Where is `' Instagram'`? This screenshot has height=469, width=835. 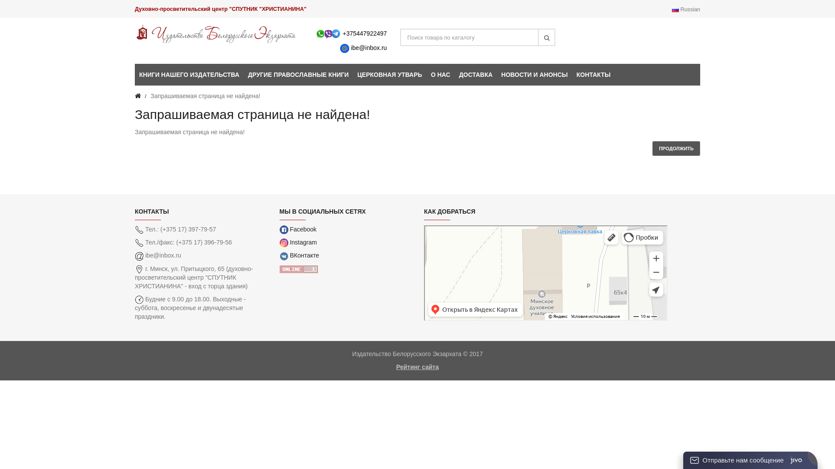
' Instagram' is located at coordinates (298, 242).